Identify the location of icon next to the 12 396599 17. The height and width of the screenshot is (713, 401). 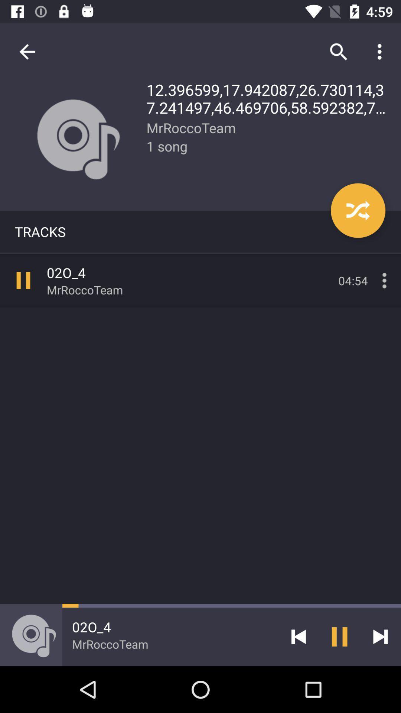
(27, 51).